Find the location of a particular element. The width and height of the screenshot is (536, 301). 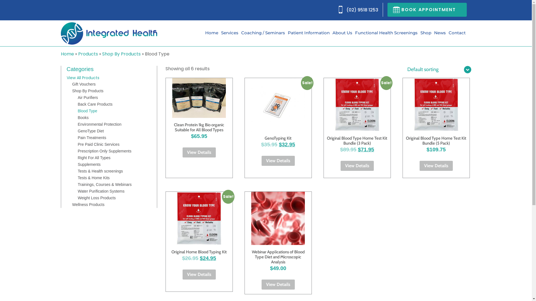

'Sale! is located at coordinates (245, 121).